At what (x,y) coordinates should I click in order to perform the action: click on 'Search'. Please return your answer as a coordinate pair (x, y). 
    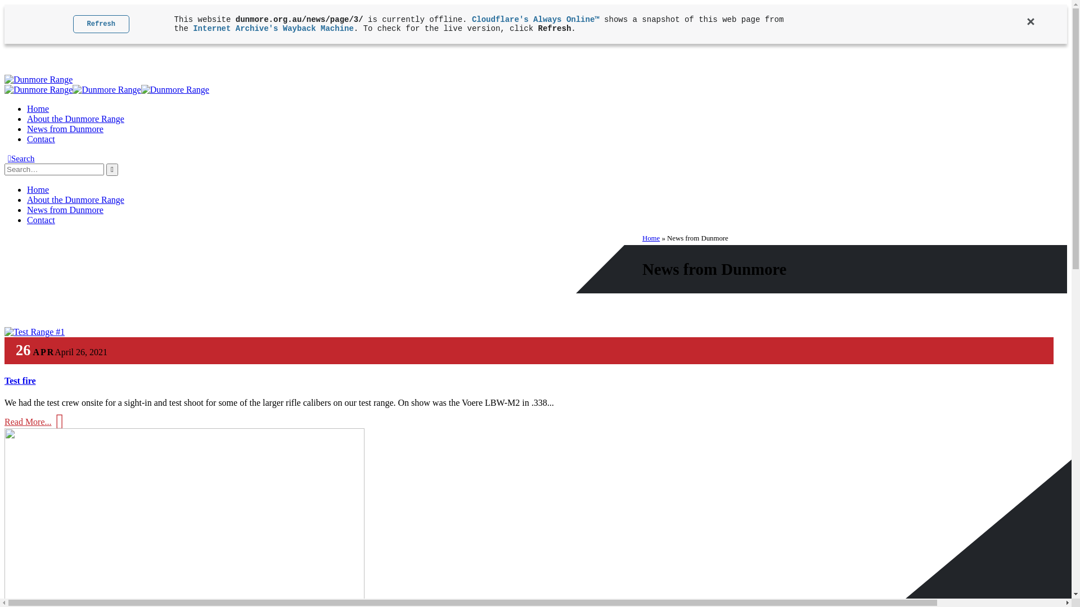
    Looking at the image, I should click on (112, 169).